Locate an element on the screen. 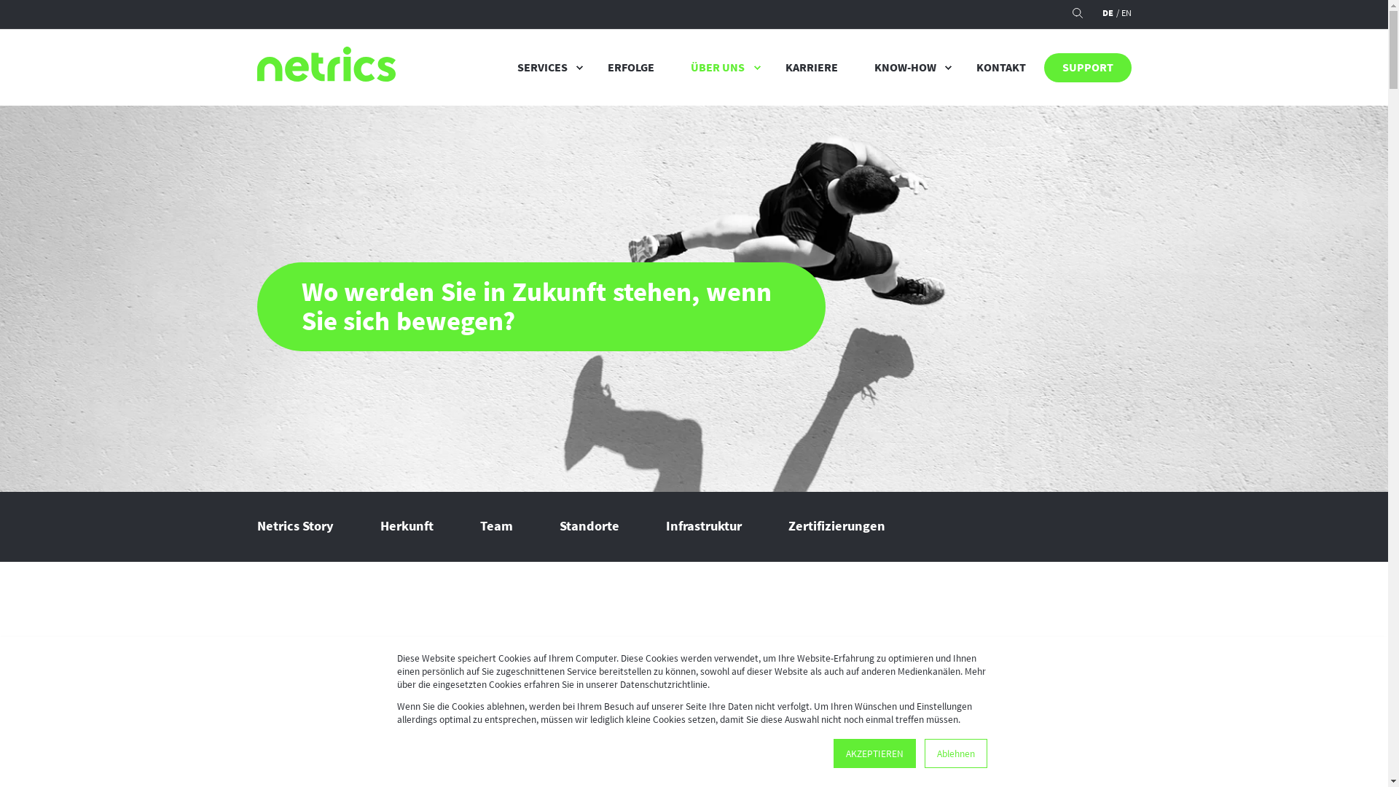  'KONTAKT' is located at coordinates (999, 67).